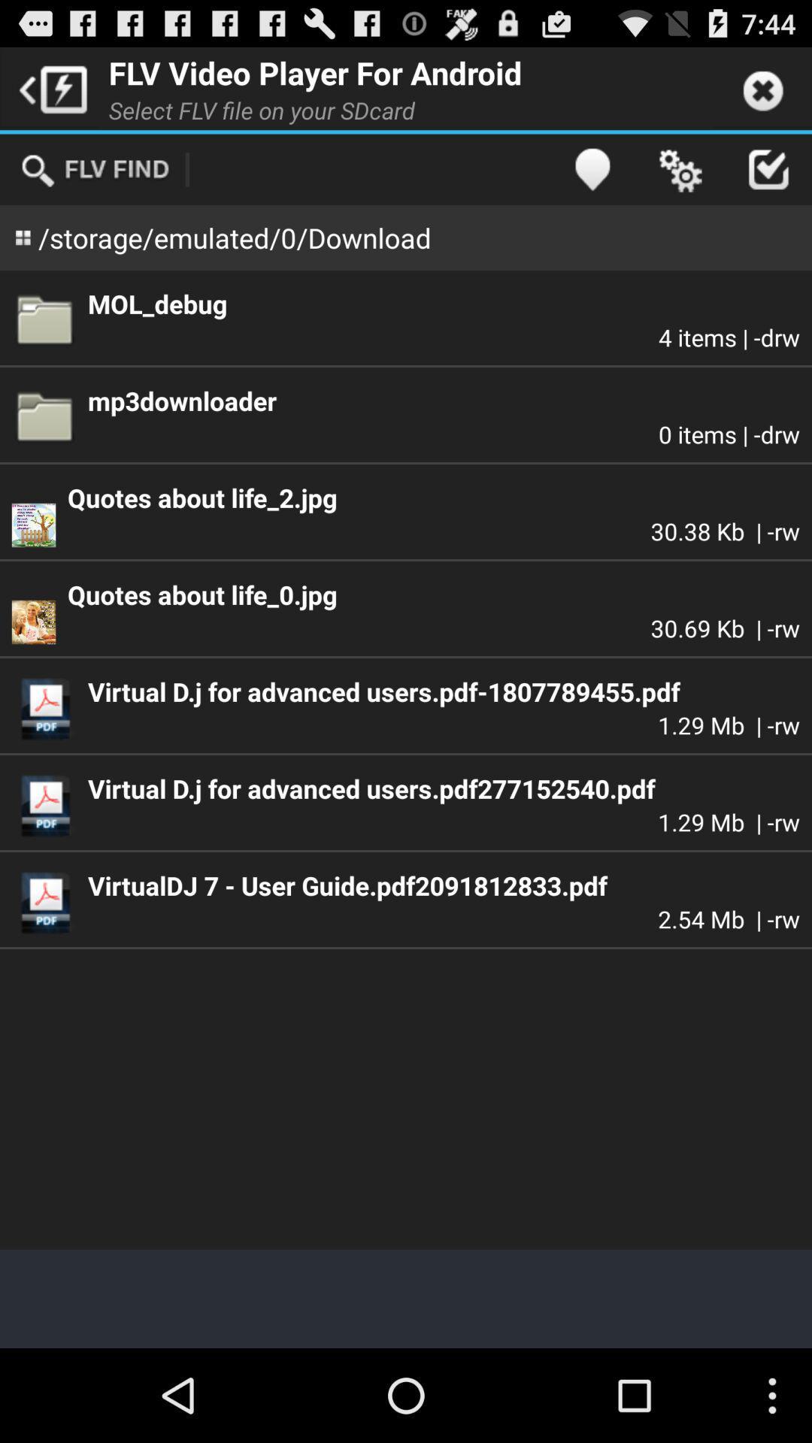  Describe the element at coordinates (768, 169) in the screenshot. I see `item above the mol_debug app` at that location.